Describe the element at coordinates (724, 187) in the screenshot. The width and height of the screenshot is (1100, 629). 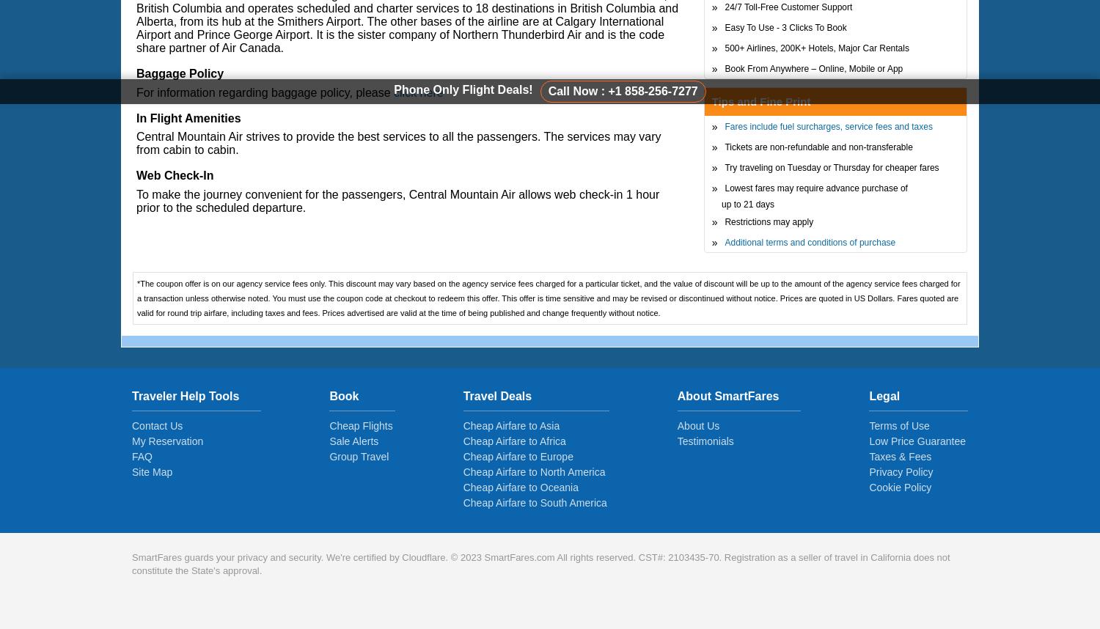
I see `'Lowest fares may require advance purchase of'` at that location.